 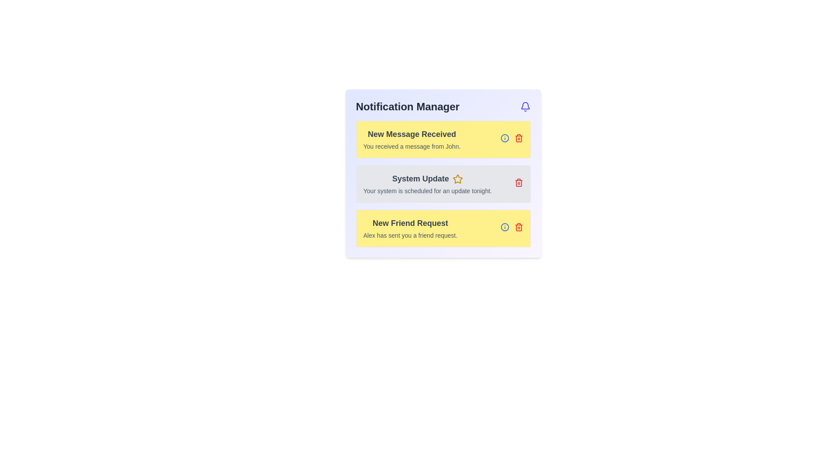 I want to click on the delete icon button located in the top-right corner of the yellow card titled 'New Friend Request', so click(x=519, y=226).